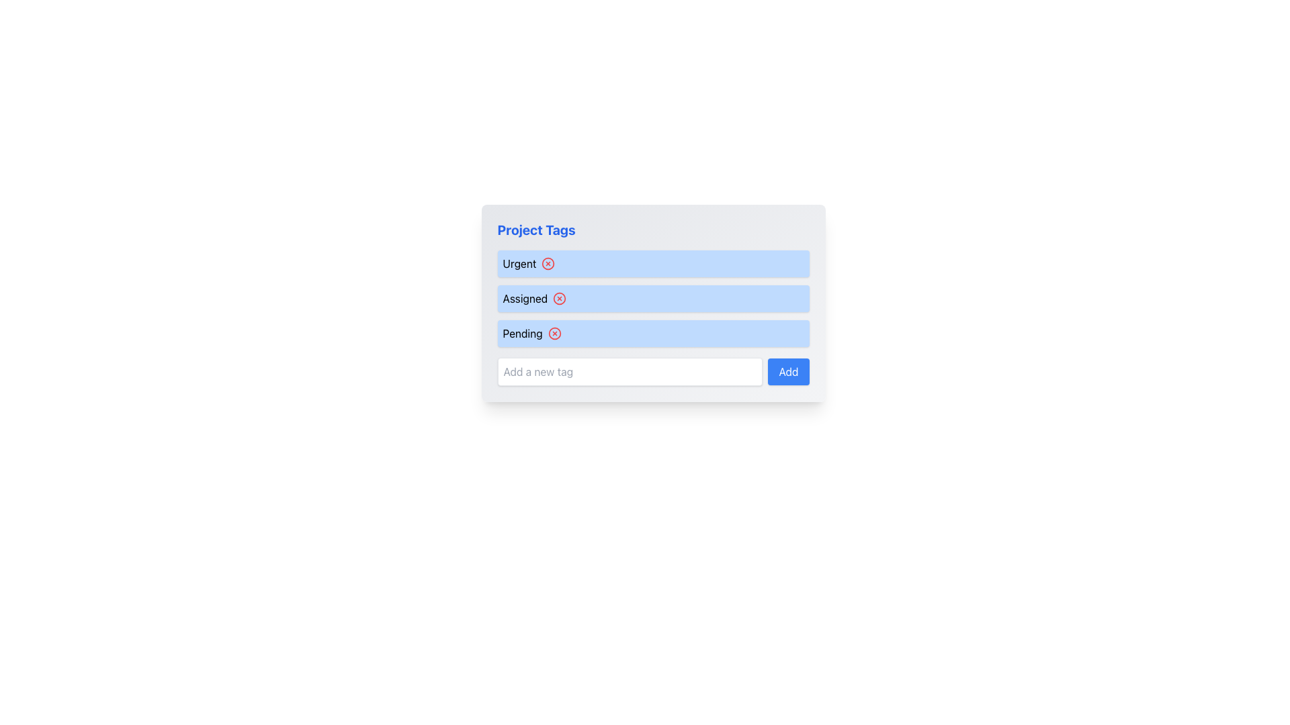  What do you see at coordinates (535, 230) in the screenshot?
I see `title text of the 'Project Tags' label located at the top-left of the card, centered horizontally above the tags 'Urgent', 'Assigned', and 'Pending'` at bounding box center [535, 230].